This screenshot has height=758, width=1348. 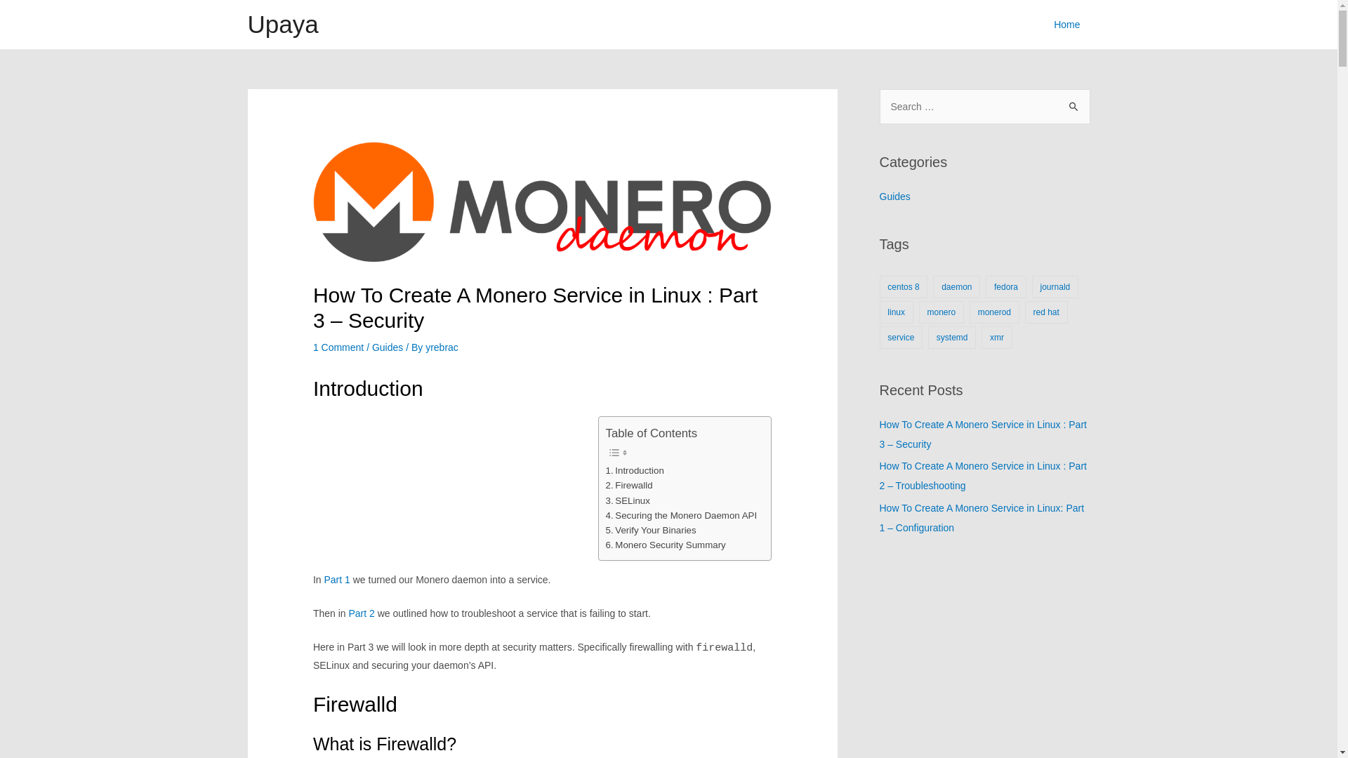 What do you see at coordinates (282, 24) in the screenshot?
I see `'Upaya'` at bounding box center [282, 24].